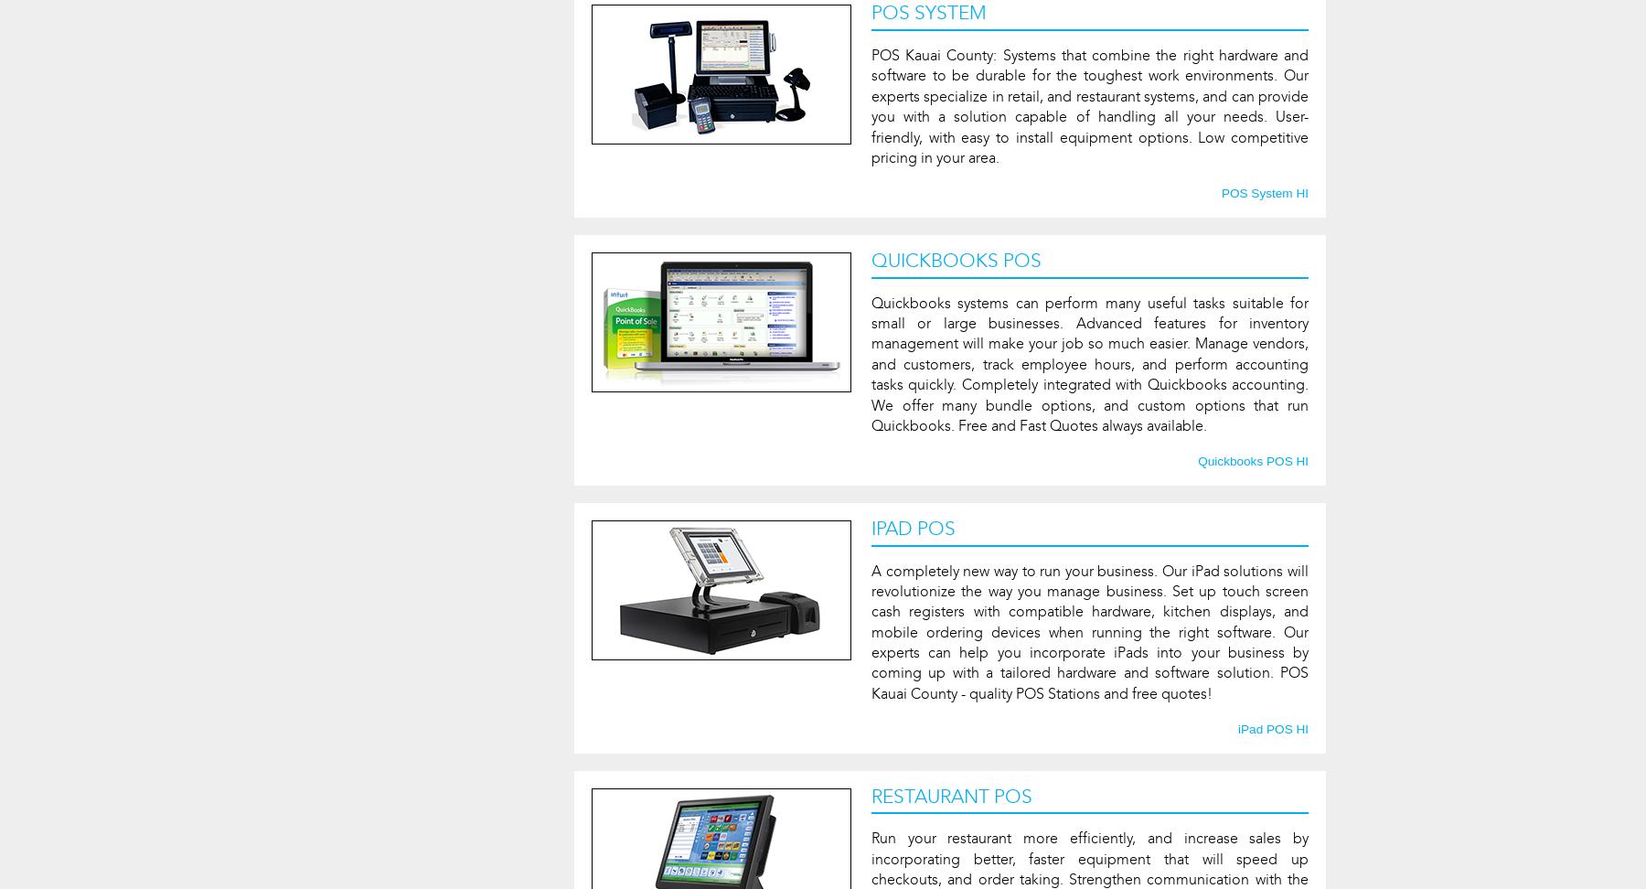 The width and height of the screenshot is (1646, 889). I want to click on 'iPad POS HI', so click(1272, 728).